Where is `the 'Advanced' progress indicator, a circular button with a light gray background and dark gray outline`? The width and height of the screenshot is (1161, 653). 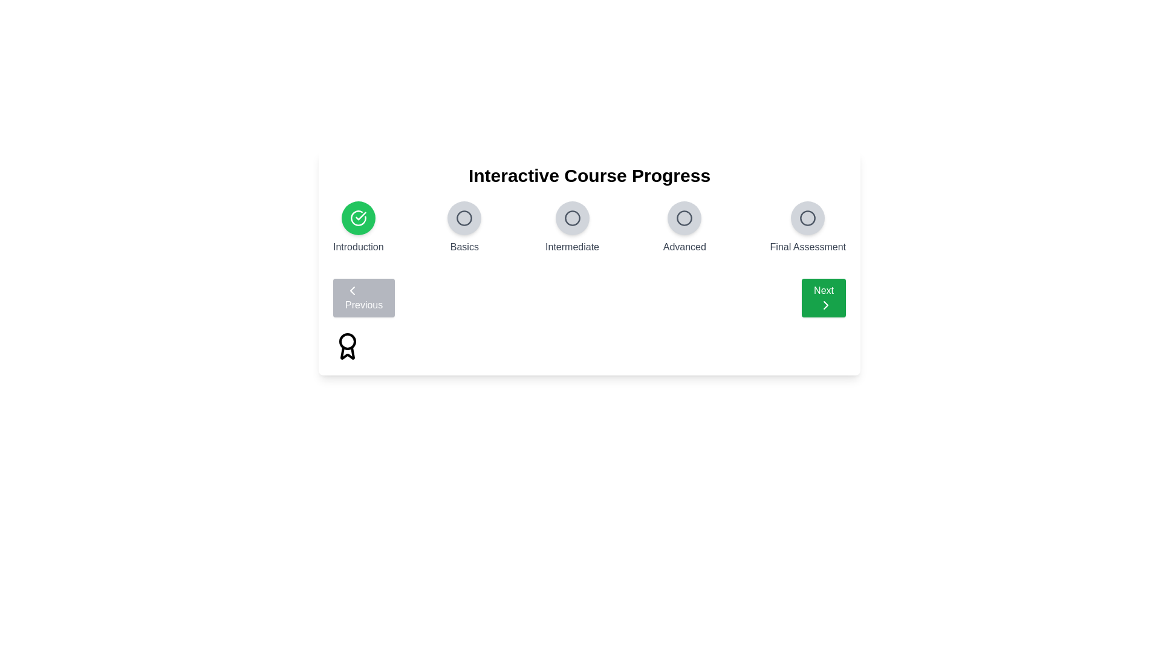
the 'Advanced' progress indicator, a circular button with a light gray background and dark gray outline is located at coordinates (685, 228).